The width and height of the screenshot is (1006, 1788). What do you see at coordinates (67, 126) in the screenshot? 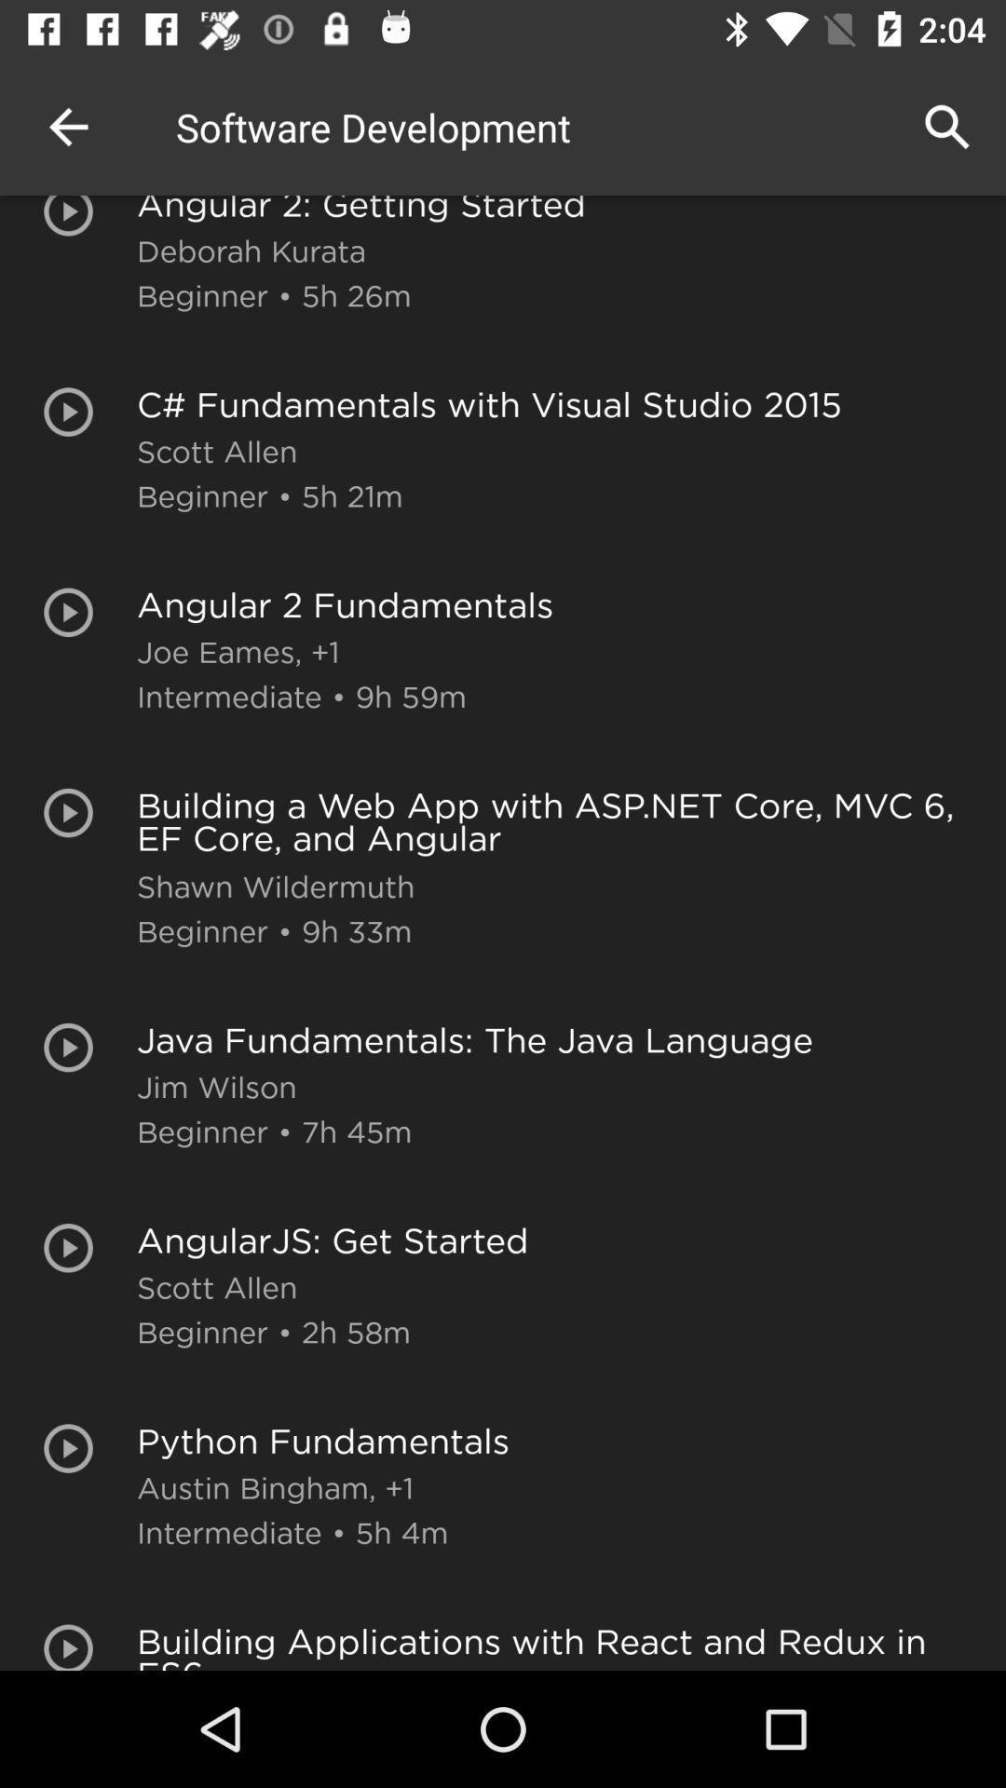
I see `the icon to the left of angular 2 getting item` at bounding box center [67, 126].